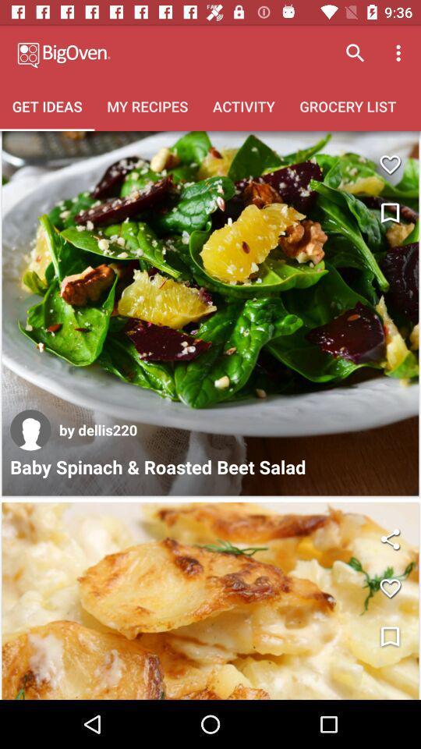 Image resolution: width=421 pixels, height=749 pixels. Describe the element at coordinates (30, 430) in the screenshot. I see `user info` at that location.